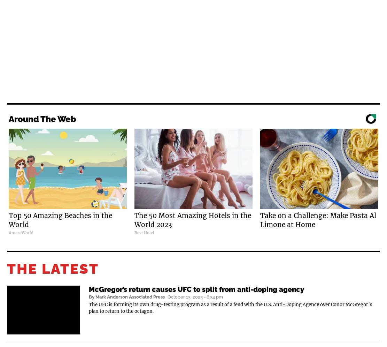 Image resolution: width=387 pixels, height=347 pixels. Describe the element at coordinates (195, 297) in the screenshot. I see `'October 13, 2023 - 6:34 pm'` at that location.